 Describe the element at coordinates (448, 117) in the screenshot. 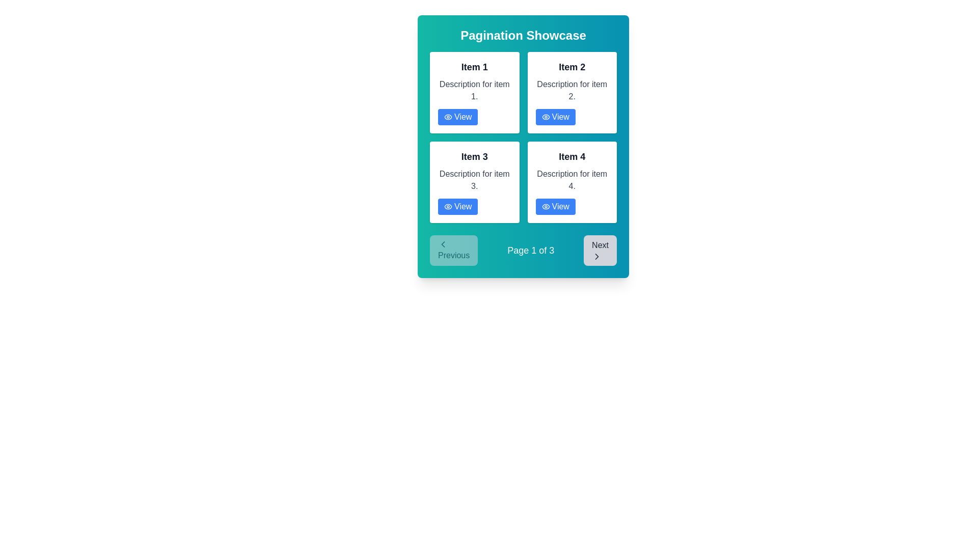

I see `the circular eye icon located within the blue 'View' button under 'Item 1' in the first column of the grid layout` at that location.